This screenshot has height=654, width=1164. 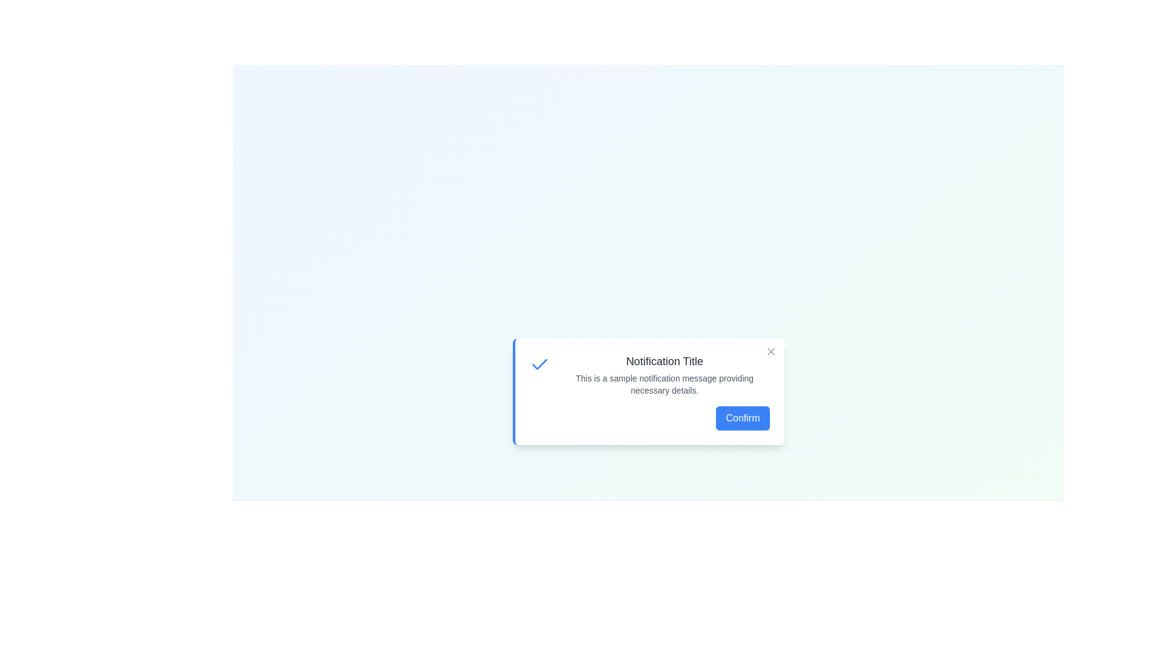 I want to click on 'Confirm' button to confirm the action, so click(x=741, y=417).